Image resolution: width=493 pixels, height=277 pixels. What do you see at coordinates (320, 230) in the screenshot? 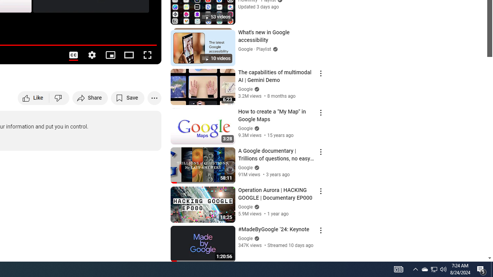
I see `'Action menu'` at bounding box center [320, 230].